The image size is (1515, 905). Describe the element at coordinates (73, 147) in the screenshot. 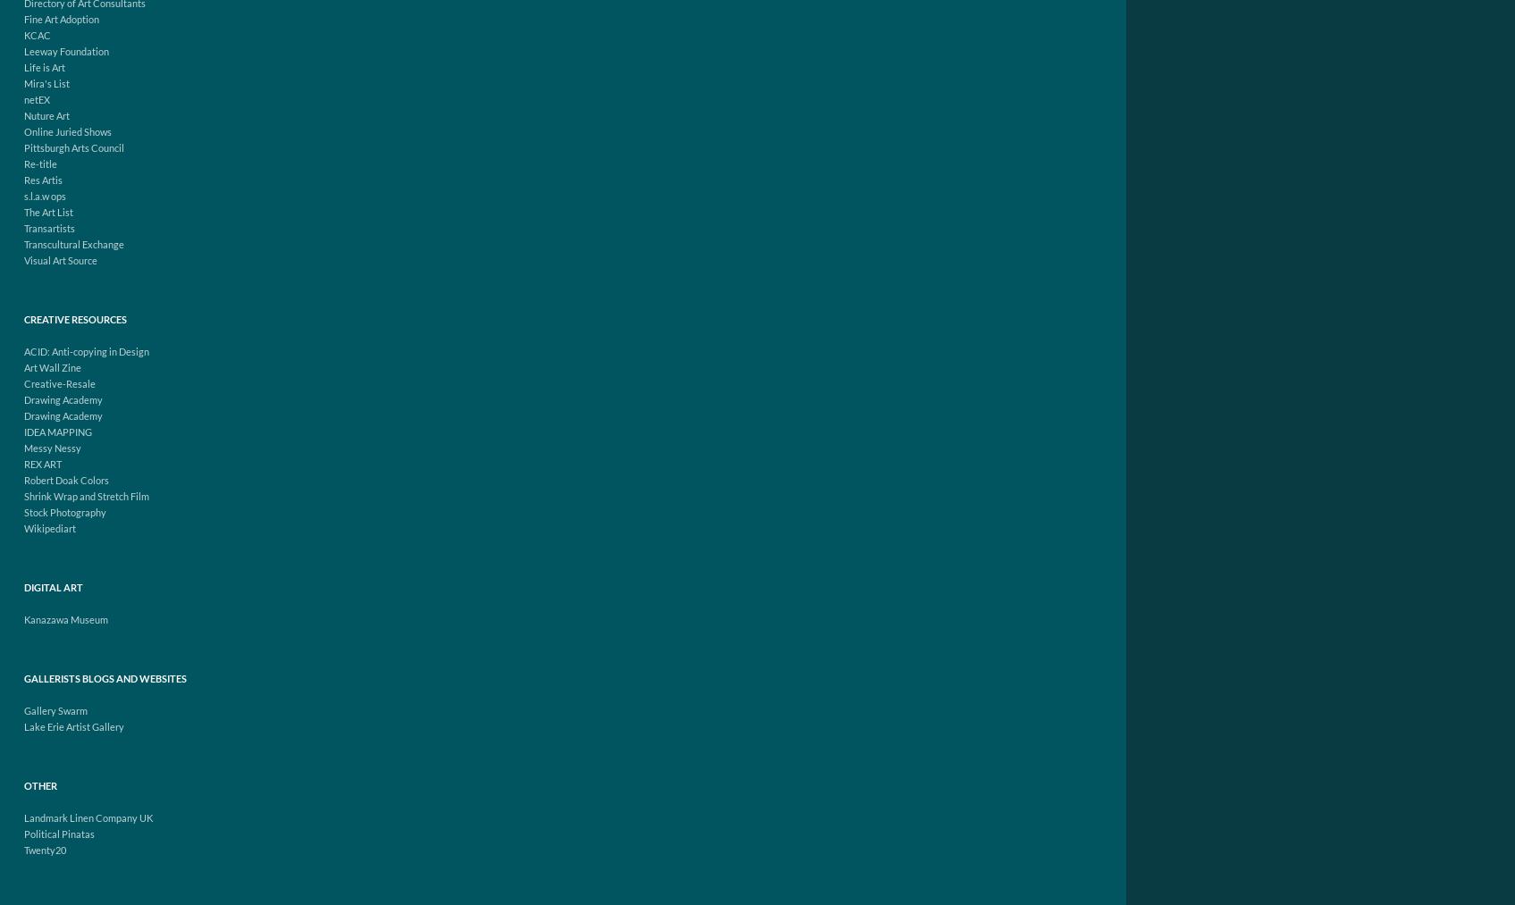

I see `'Pittsburgh Arts Council'` at that location.